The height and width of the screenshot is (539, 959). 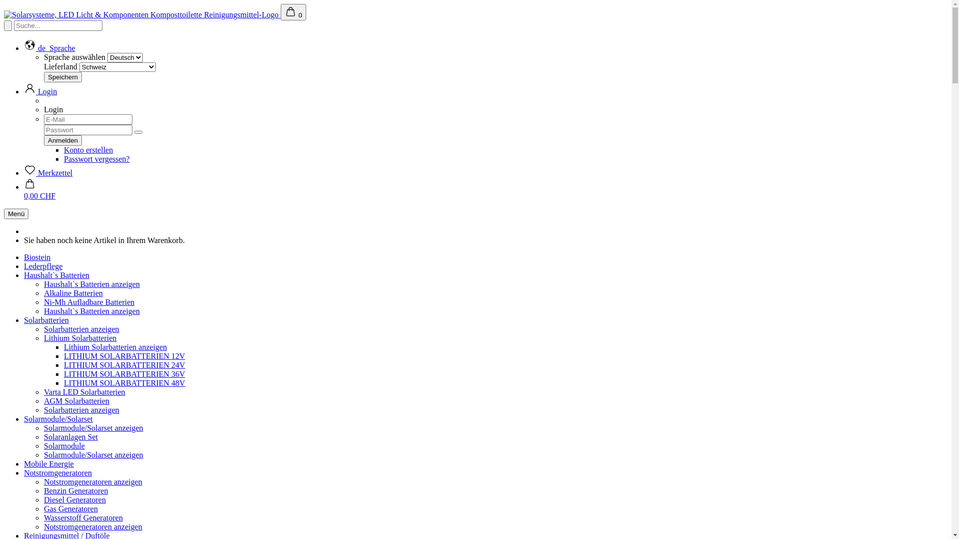 What do you see at coordinates (63, 158) in the screenshot?
I see `'Passwort vergessen?'` at bounding box center [63, 158].